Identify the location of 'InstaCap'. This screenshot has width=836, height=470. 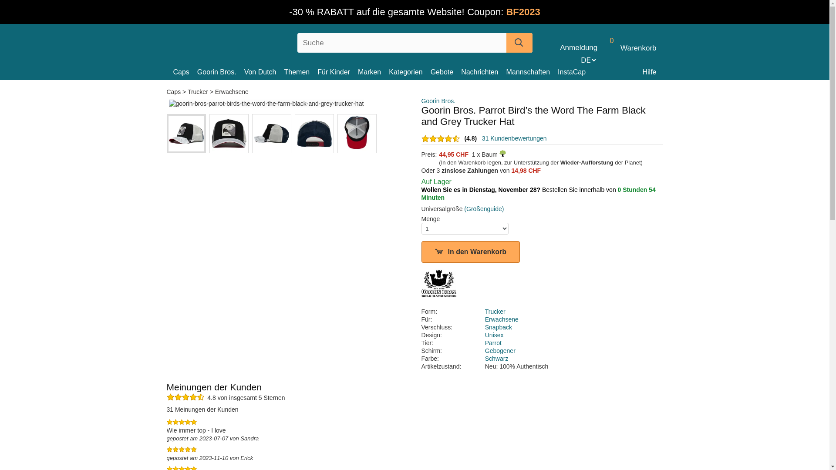
(575, 71).